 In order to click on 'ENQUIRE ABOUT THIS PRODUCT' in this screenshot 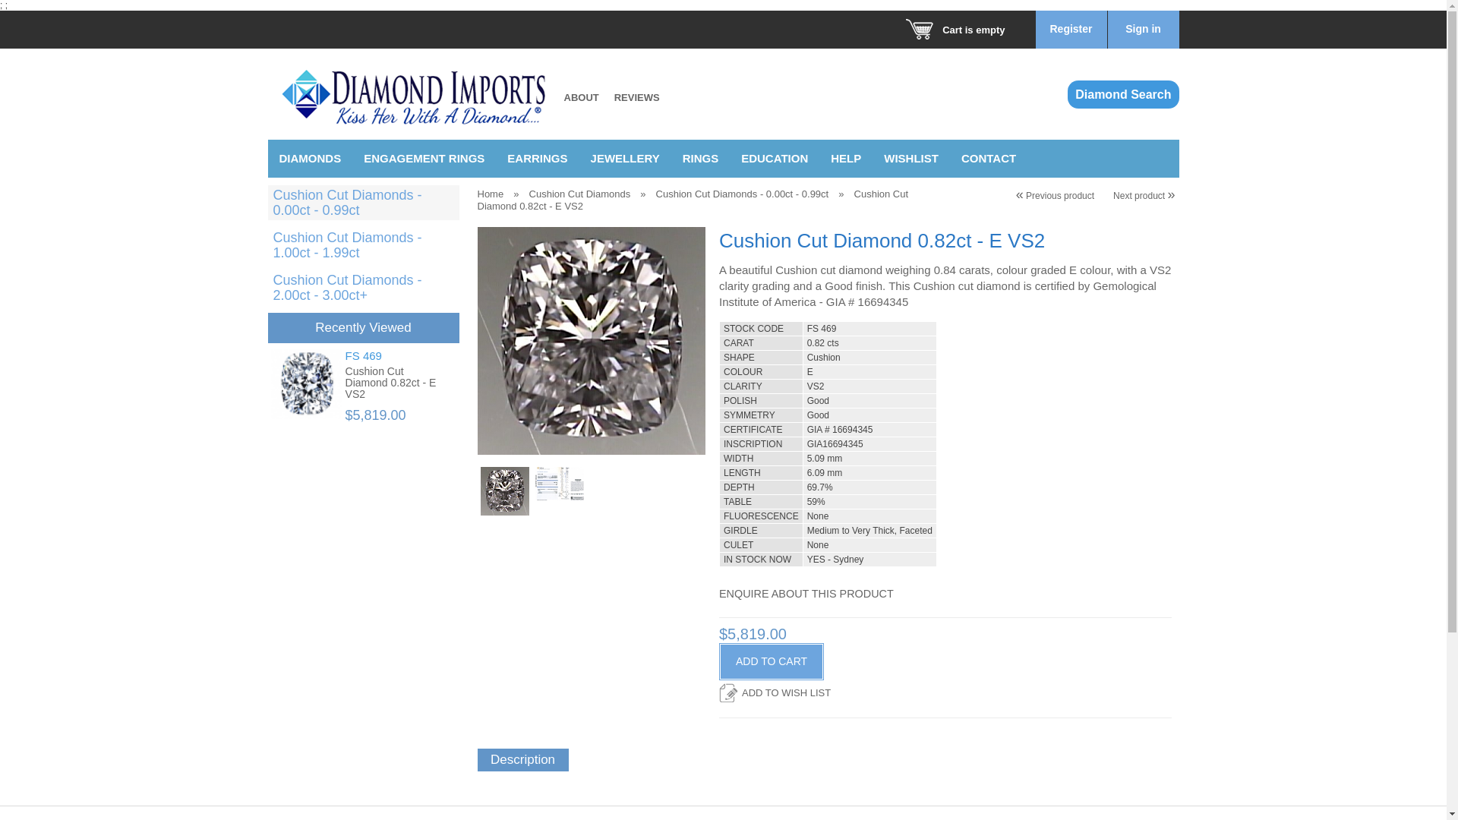, I will do `click(805, 602)`.